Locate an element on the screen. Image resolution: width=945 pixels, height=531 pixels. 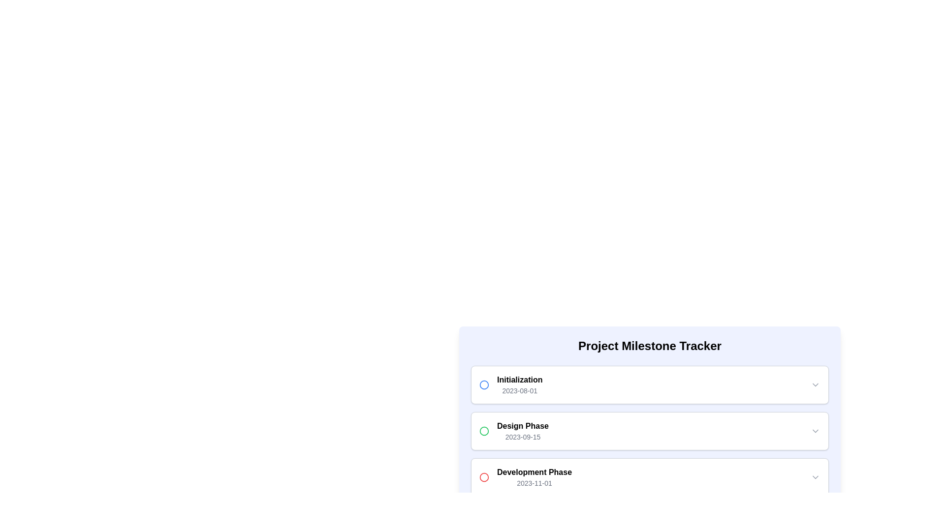
the 'Development Phase' component in the project milestone tracker is located at coordinates (650, 477).